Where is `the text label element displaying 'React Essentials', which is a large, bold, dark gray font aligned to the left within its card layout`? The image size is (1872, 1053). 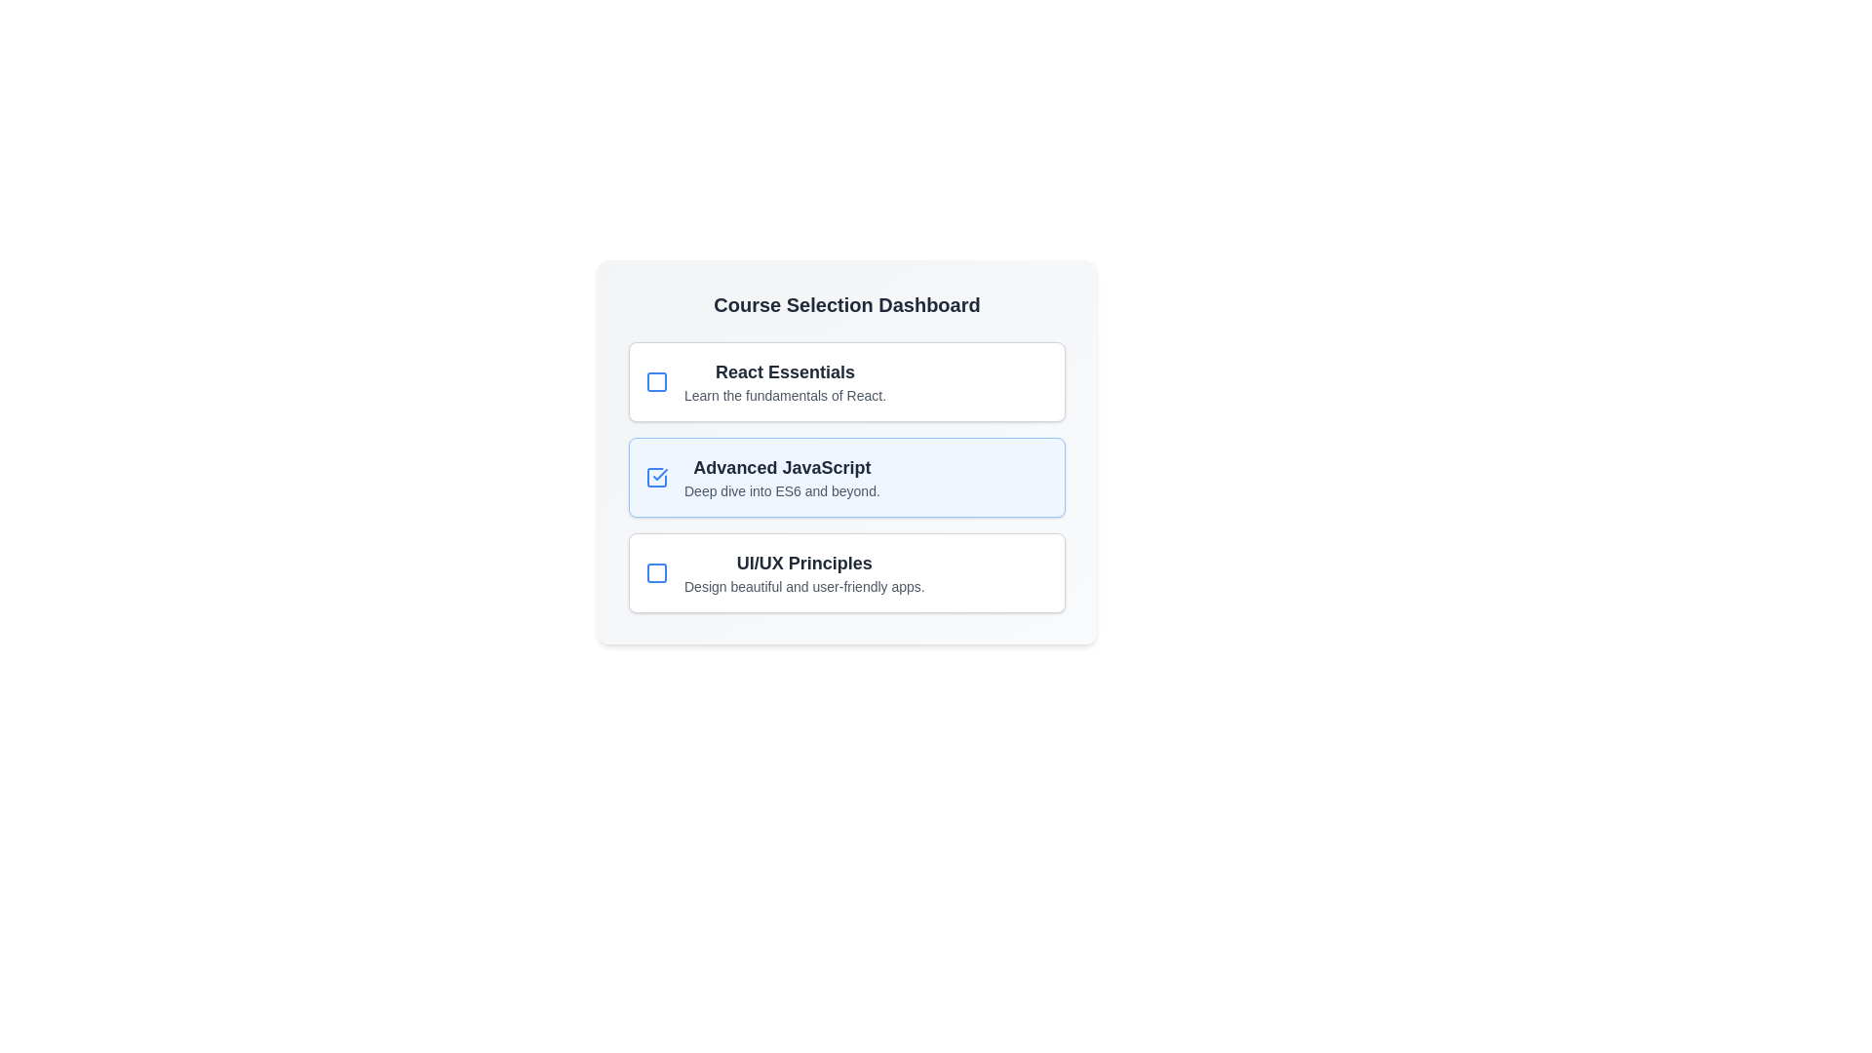 the text label element displaying 'React Essentials', which is a large, bold, dark gray font aligned to the left within its card layout is located at coordinates (785, 371).